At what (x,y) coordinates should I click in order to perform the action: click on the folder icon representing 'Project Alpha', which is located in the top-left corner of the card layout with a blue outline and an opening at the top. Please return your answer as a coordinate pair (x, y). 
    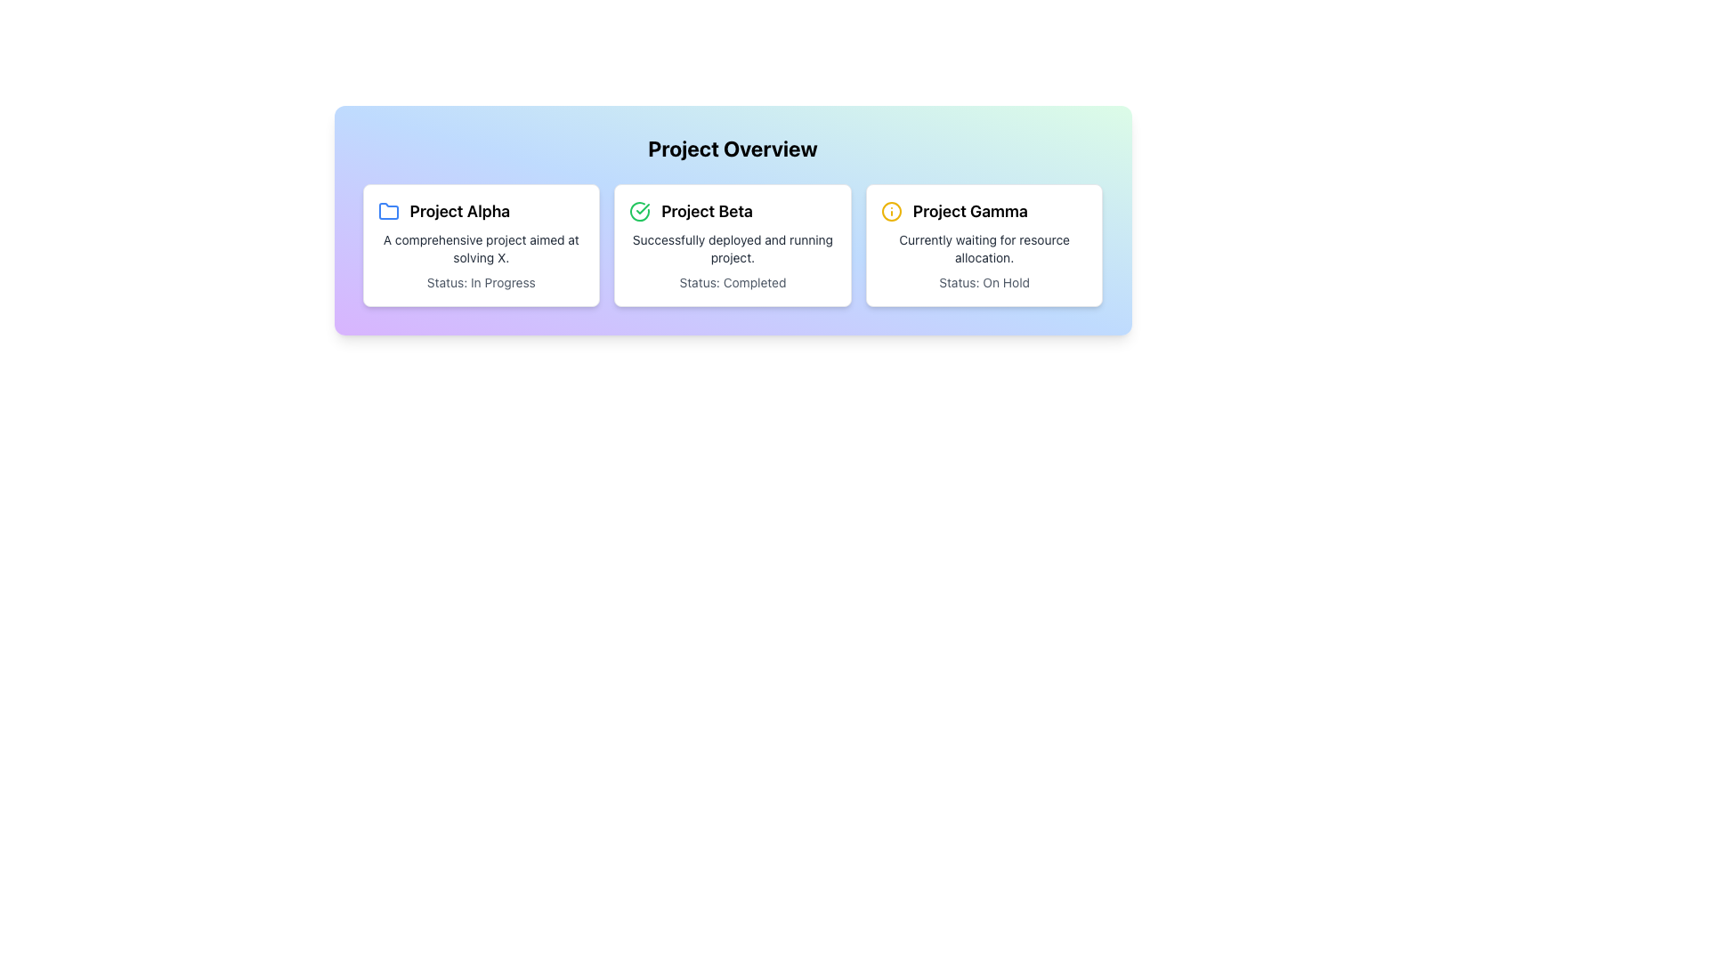
    Looking at the image, I should click on (387, 210).